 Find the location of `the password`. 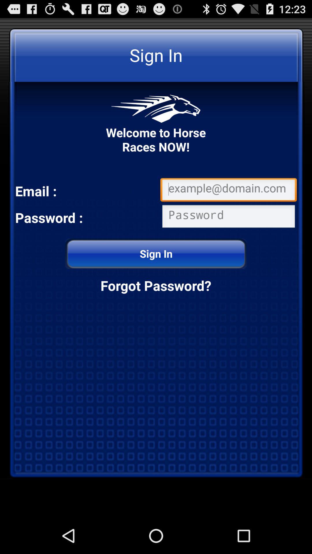

the password is located at coordinates (228, 217).